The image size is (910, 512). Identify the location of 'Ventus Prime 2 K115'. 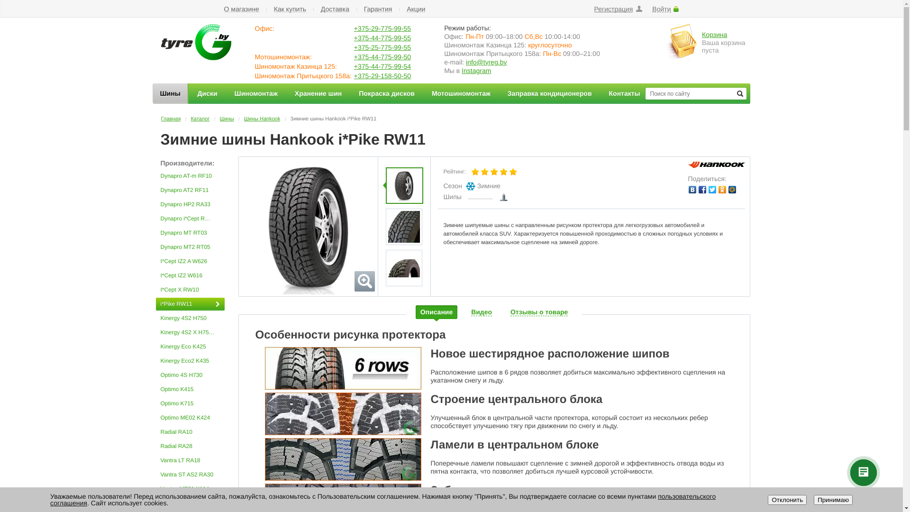
(190, 503).